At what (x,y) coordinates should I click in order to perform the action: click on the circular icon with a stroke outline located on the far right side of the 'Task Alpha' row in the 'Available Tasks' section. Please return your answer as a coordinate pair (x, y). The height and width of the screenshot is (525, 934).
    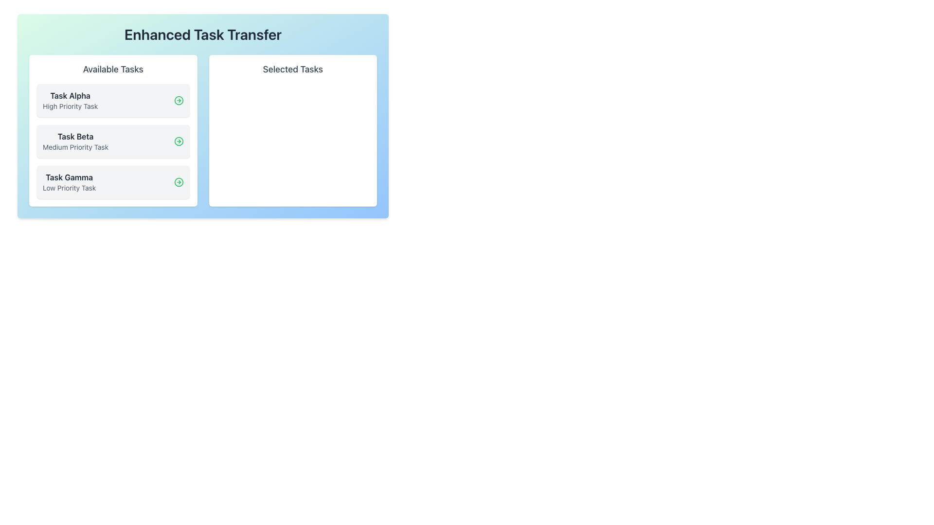
    Looking at the image, I should click on (179, 101).